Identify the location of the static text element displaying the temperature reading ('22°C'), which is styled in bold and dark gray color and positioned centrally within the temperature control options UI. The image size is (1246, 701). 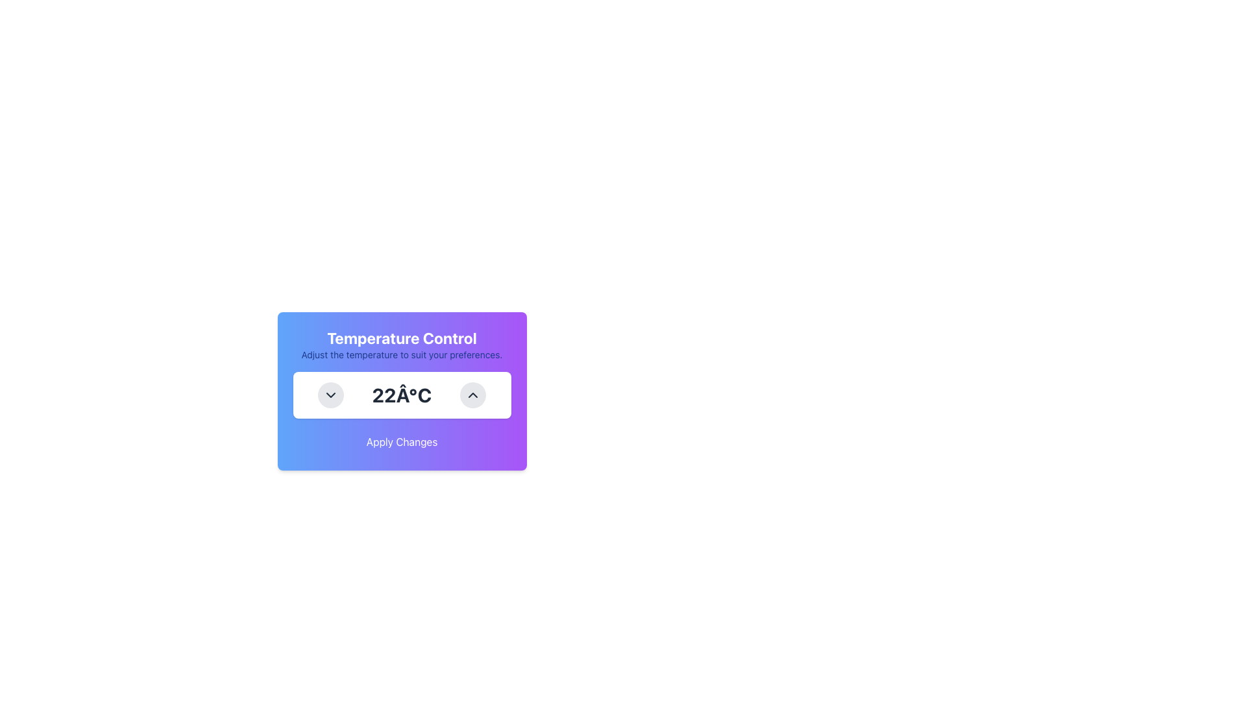
(401, 395).